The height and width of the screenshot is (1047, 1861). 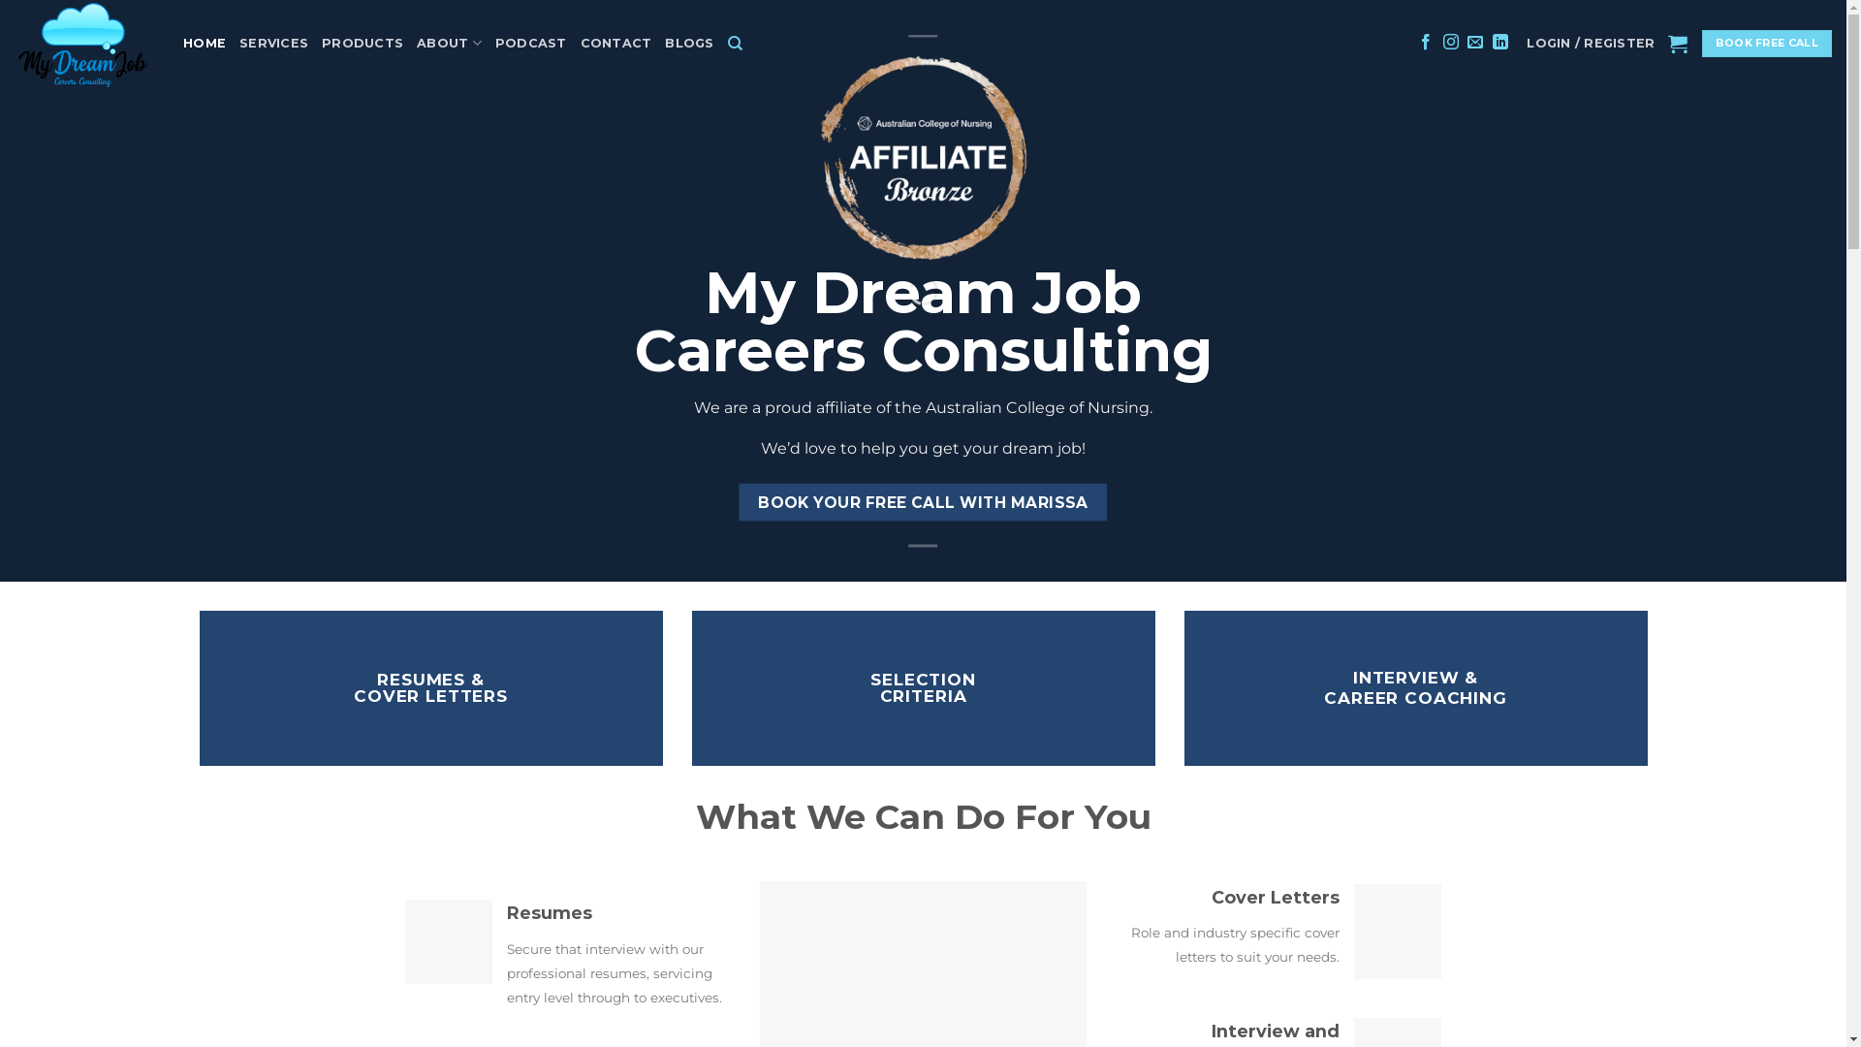 What do you see at coordinates (530, 44) in the screenshot?
I see `'PODCAST'` at bounding box center [530, 44].